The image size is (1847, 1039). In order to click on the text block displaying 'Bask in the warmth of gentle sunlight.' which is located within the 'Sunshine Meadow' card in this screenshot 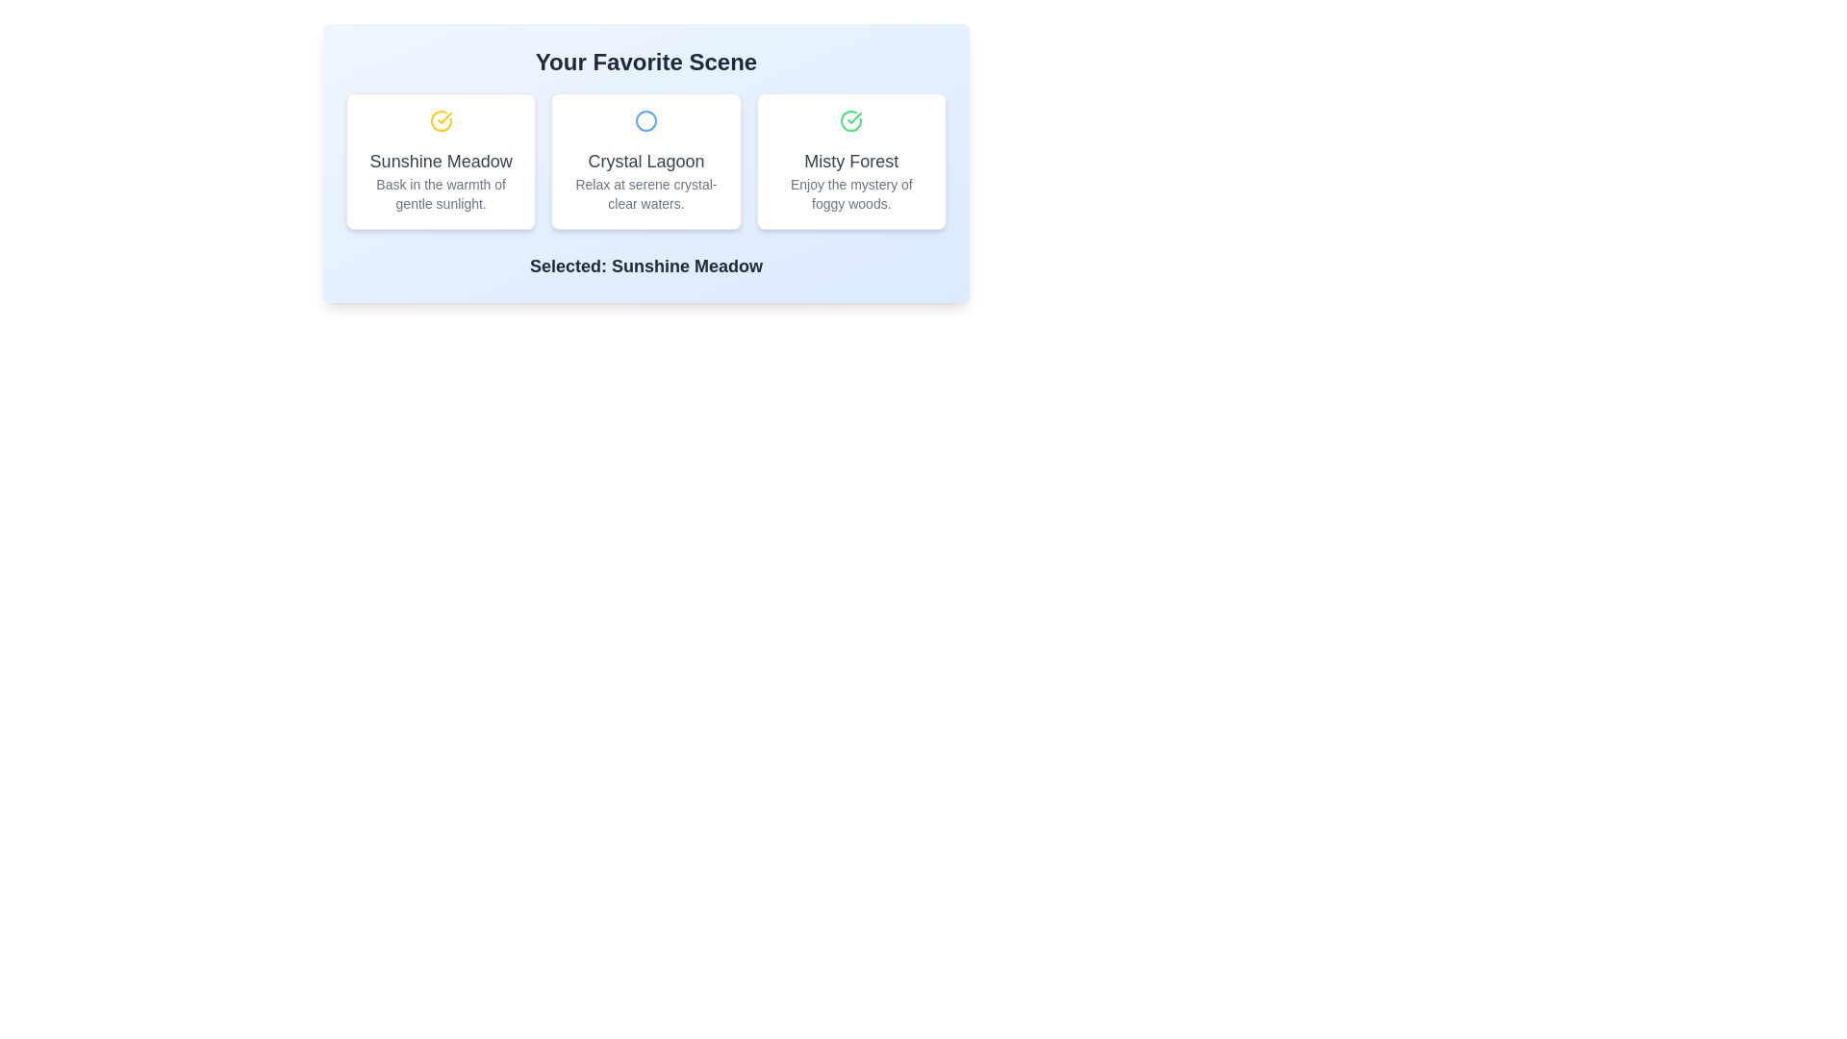, I will do `click(440, 193)`.